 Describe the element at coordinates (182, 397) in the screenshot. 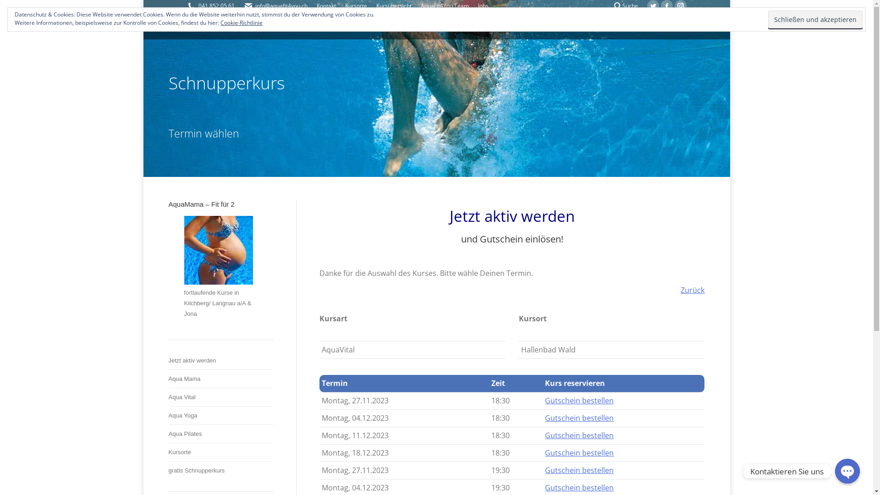

I see `'Aqua Vital'` at that location.